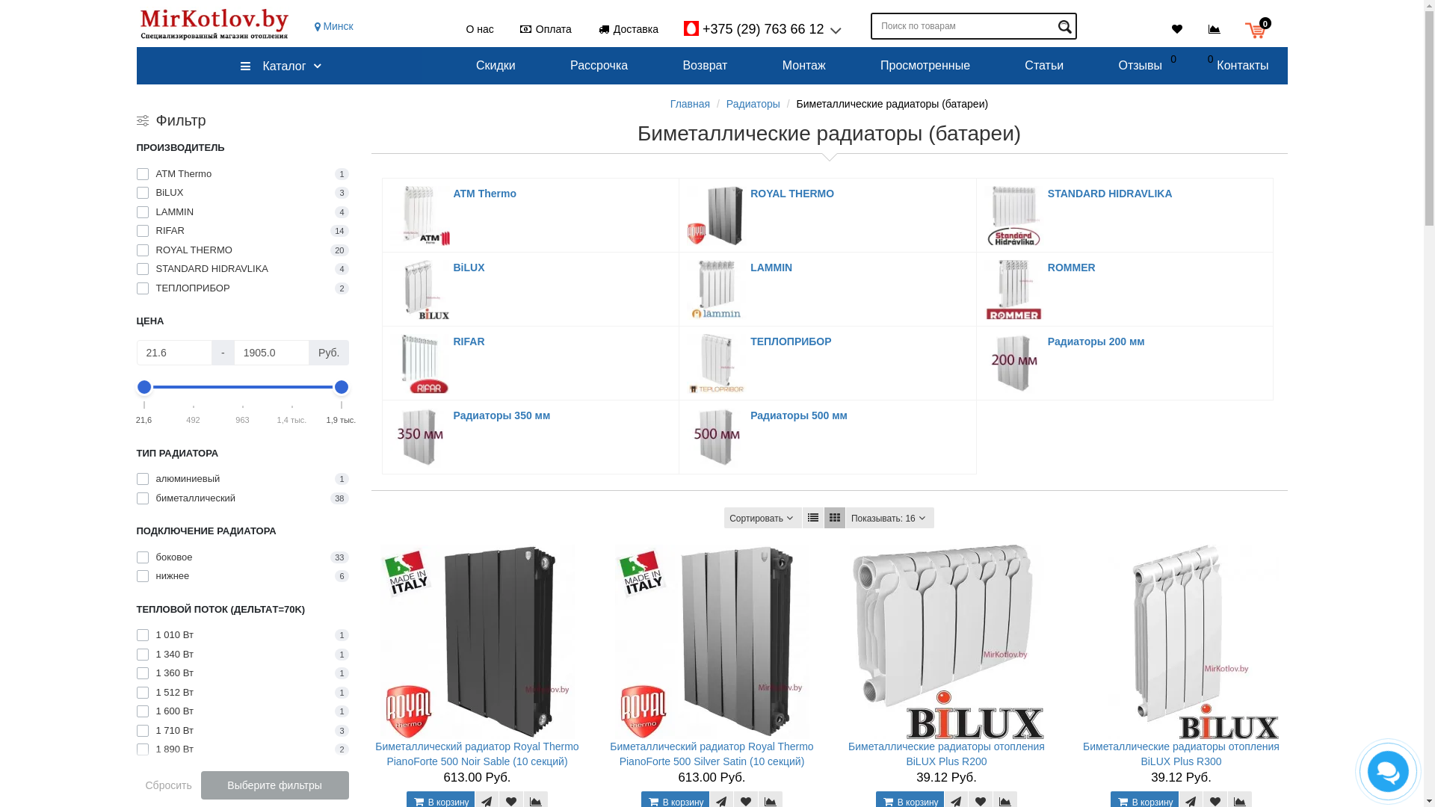 Image resolution: width=1435 pixels, height=807 pixels. What do you see at coordinates (136, 230) in the screenshot?
I see `'RIFAR` at bounding box center [136, 230].